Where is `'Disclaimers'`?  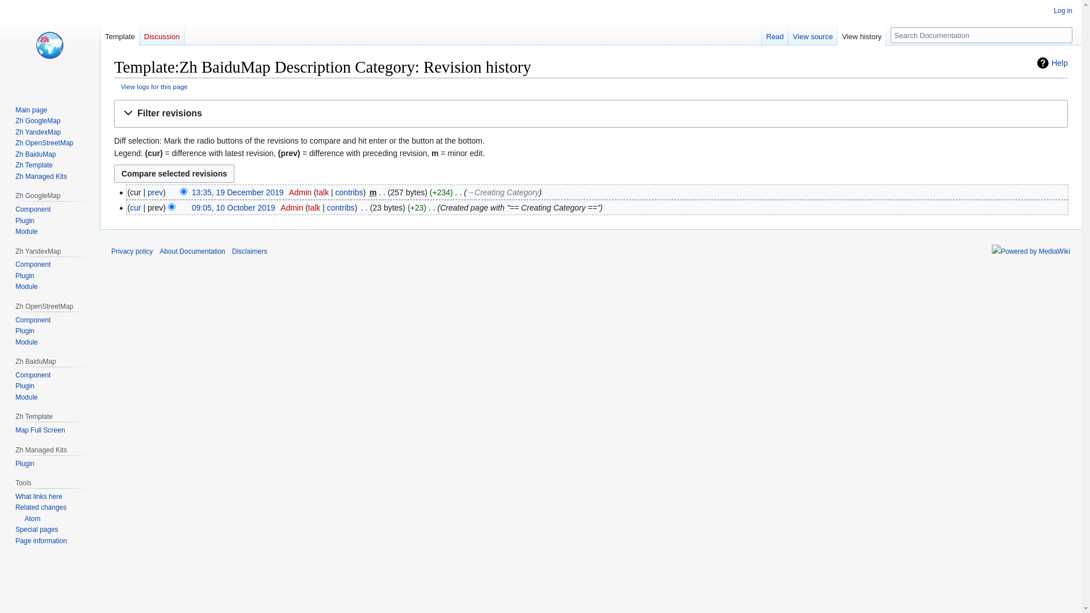
'Disclaimers' is located at coordinates (249, 251).